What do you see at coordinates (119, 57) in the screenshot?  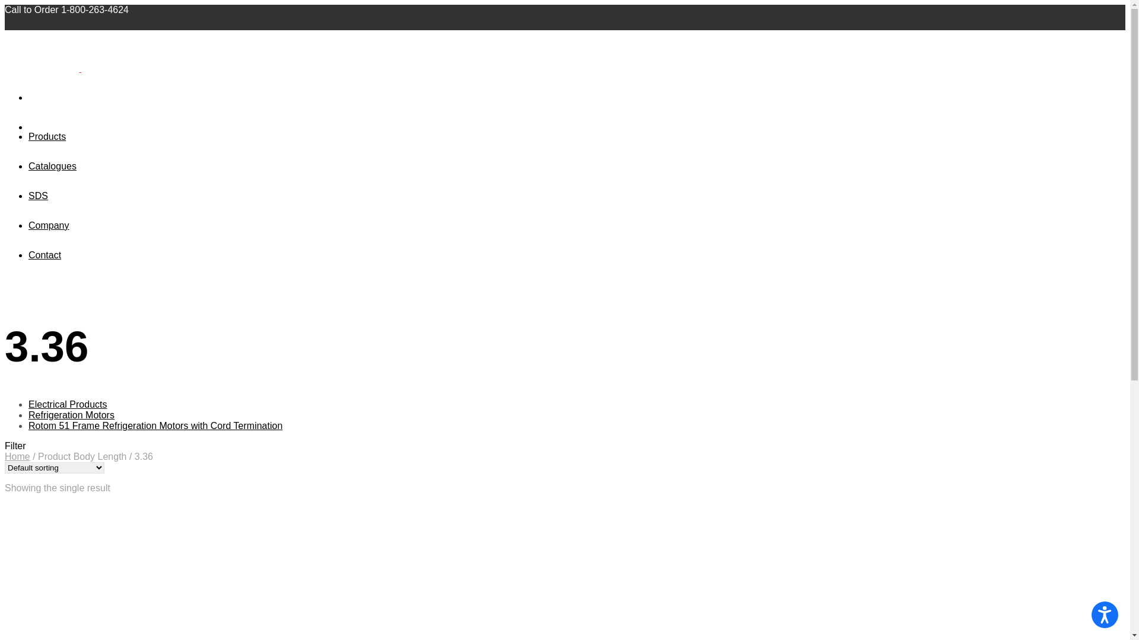 I see `'A DiversiTech Company'` at bounding box center [119, 57].